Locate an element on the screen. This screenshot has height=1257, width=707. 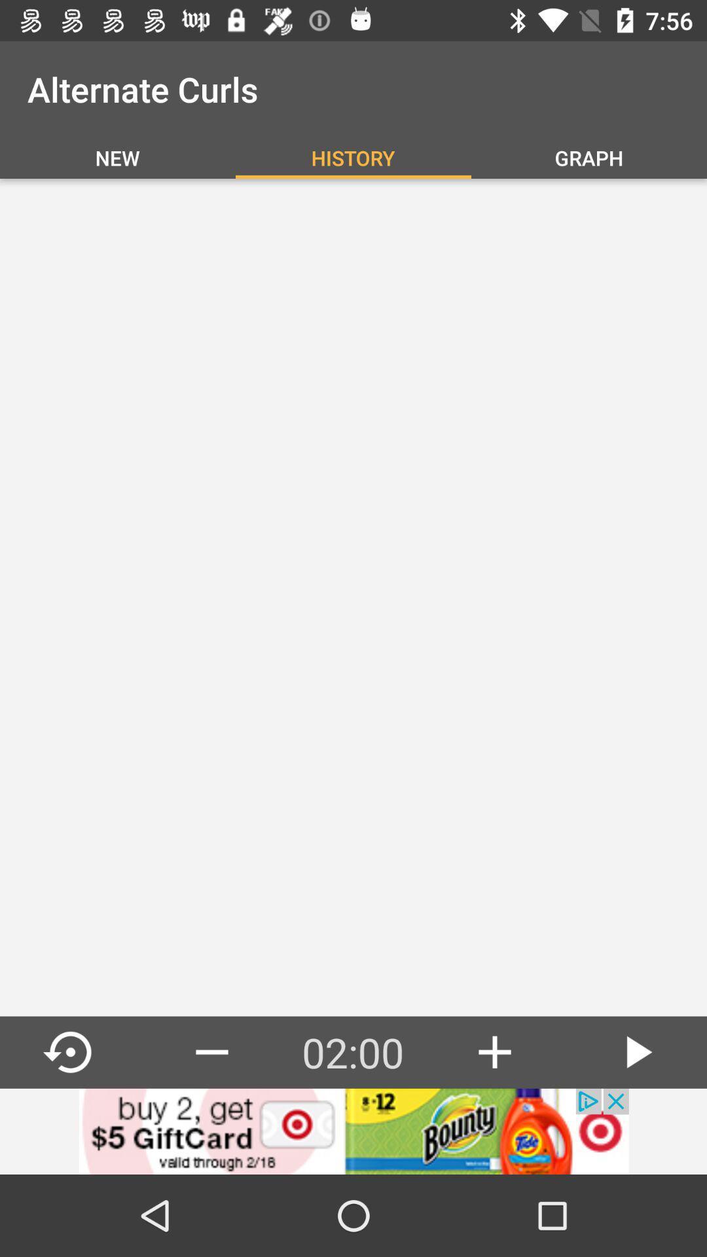
click the advertisement is located at coordinates (353, 1131).